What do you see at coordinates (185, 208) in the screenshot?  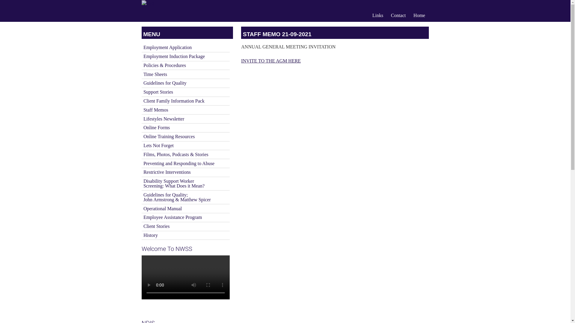 I see `'Operational Manual'` at bounding box center [185, 208].